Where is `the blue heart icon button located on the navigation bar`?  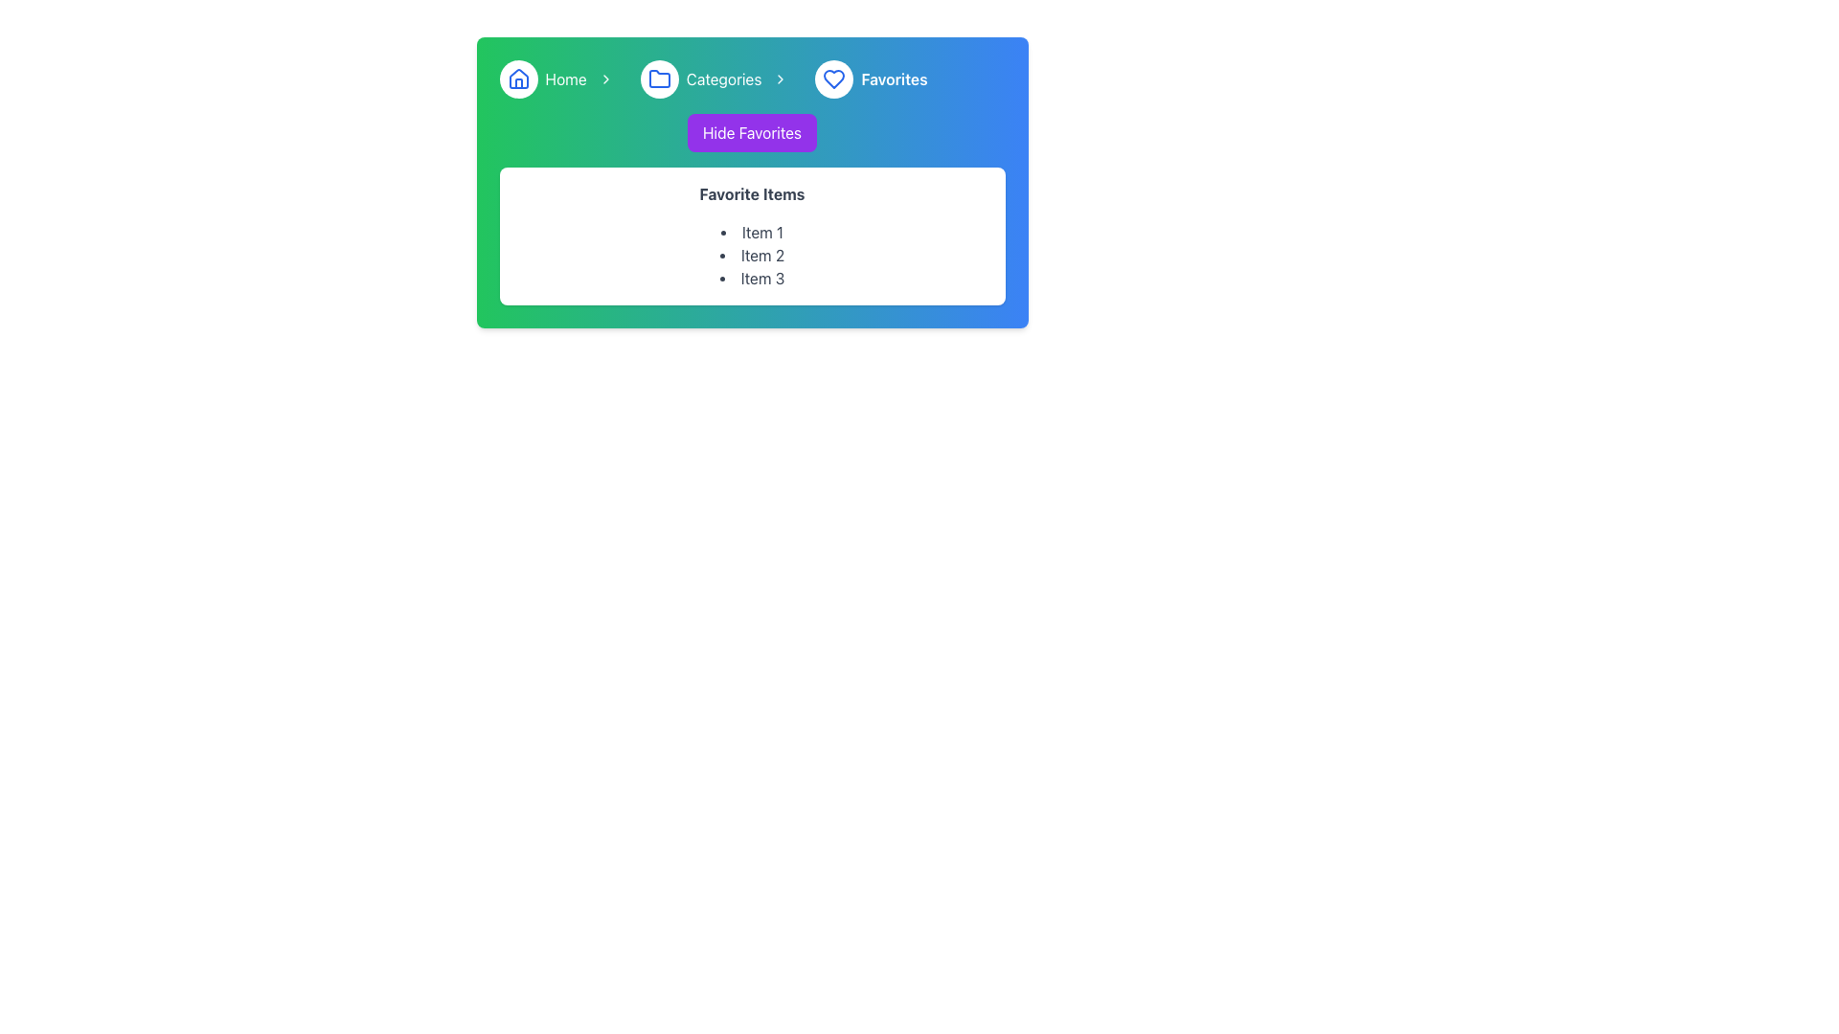 the blue heart icon button located on the navigation bar is located at coordinates (834, 79).